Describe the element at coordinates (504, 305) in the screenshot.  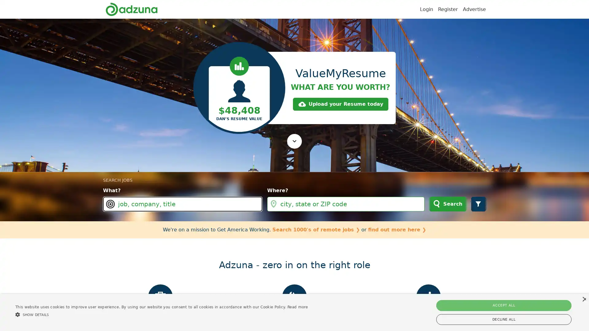
I see `ACCEPT ALL` at that location.